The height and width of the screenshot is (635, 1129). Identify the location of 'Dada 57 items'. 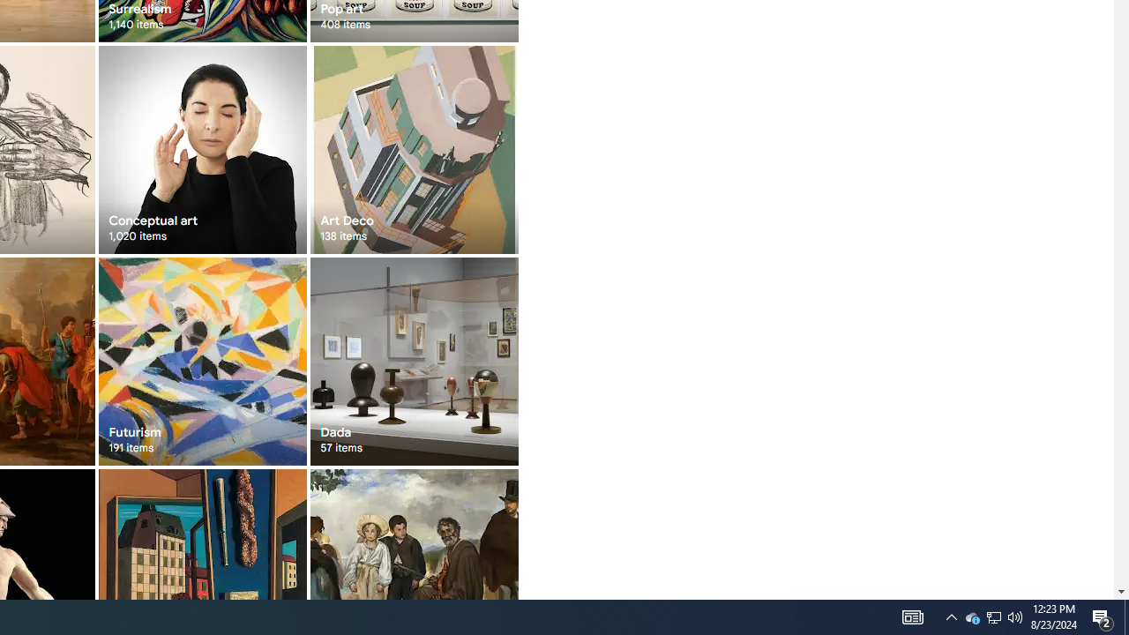
(413, 361).